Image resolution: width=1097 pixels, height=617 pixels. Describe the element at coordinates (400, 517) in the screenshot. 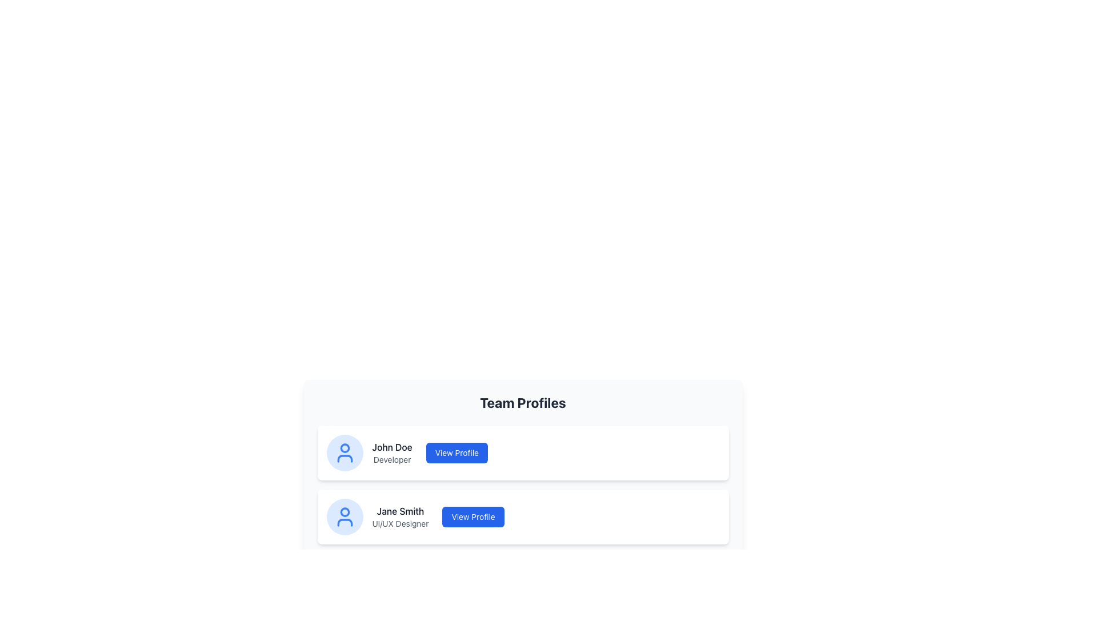

I see `text content of the Text block displaying 'Jane Smith' and 'UI/UX Designer' located within the second profile card` at that location.